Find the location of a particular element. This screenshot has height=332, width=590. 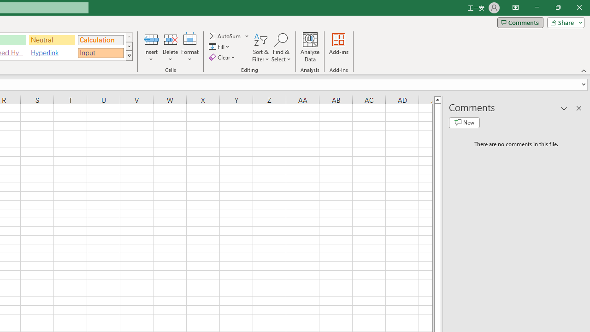

'Row Down' is located at coordinates (129, 46).